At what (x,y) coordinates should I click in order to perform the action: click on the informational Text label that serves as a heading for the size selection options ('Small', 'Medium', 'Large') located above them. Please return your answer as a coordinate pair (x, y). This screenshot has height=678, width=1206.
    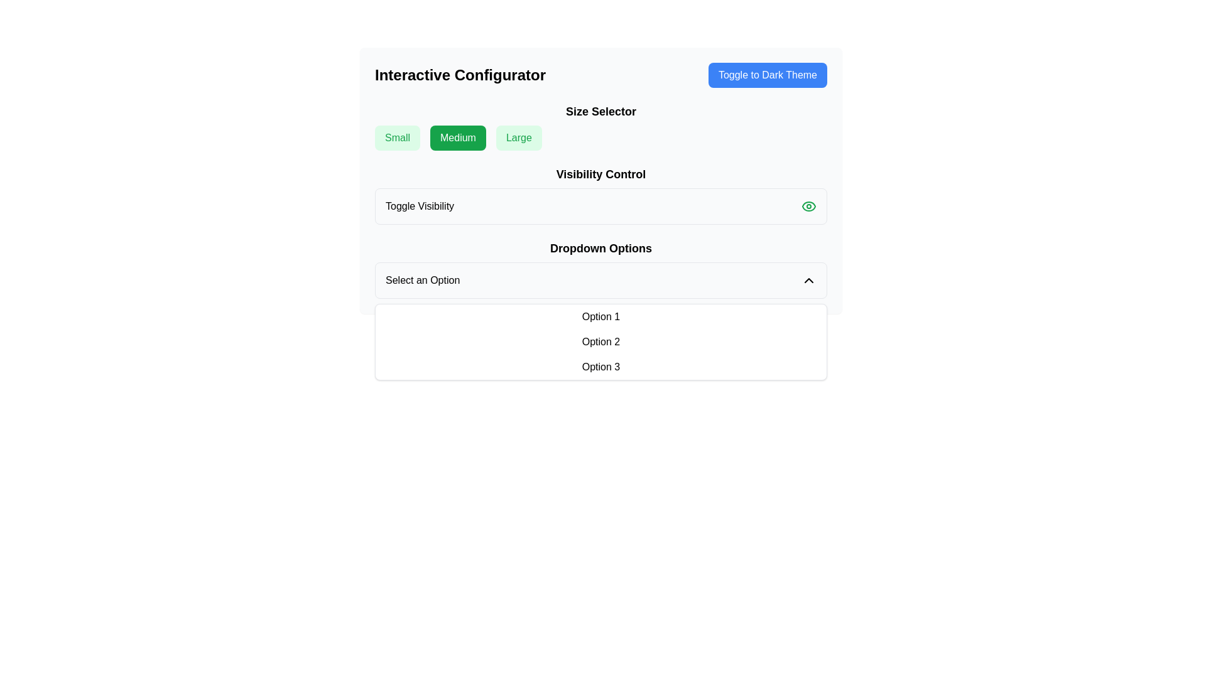
    Looking at the image, I should click on (600, 110).